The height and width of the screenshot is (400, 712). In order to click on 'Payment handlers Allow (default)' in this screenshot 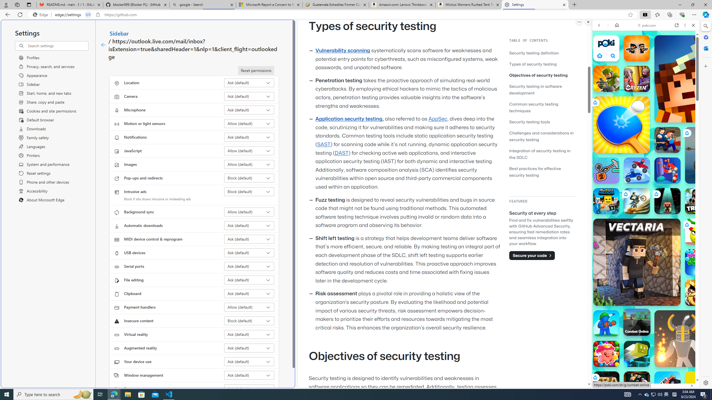, I will do `click(249, 307)`.